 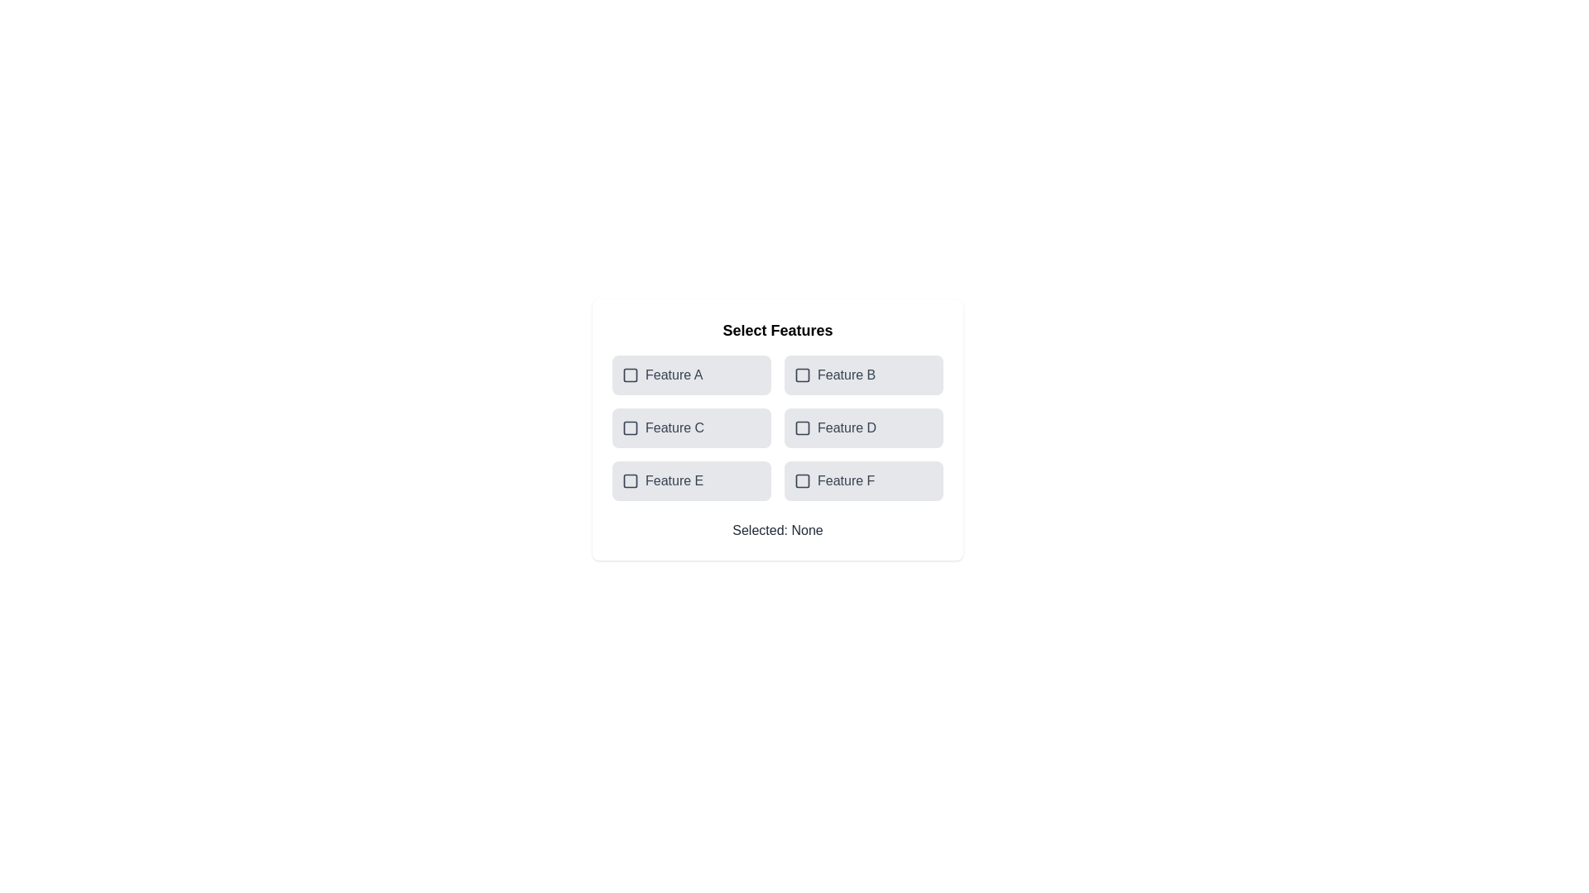 I want to click on text label located in the fourth selectable feature option, which is positioned in the second column of the second row of the grid, so click(x=847, y=427).